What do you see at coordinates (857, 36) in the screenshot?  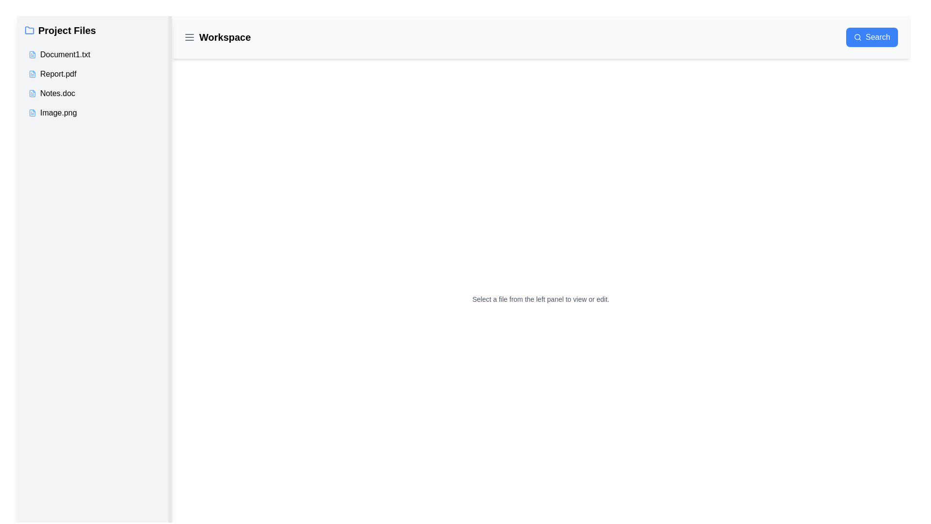 I see `the small circular element of the magnifying glass icon, which represents the 'Search' functionality in the user interface` at bounding box center [857, 36].